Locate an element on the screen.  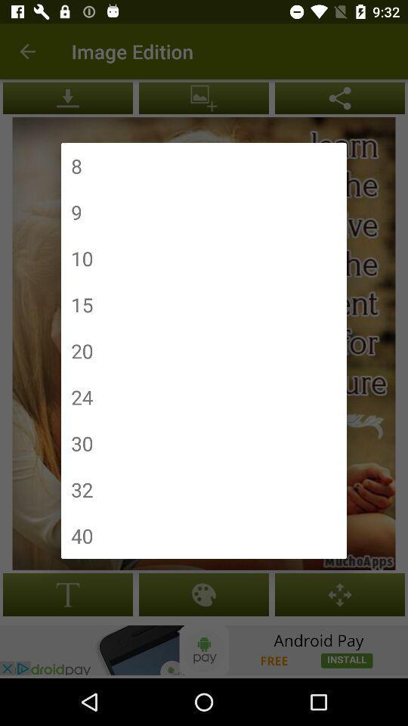
32 icon is located at coordinates (82, 489).